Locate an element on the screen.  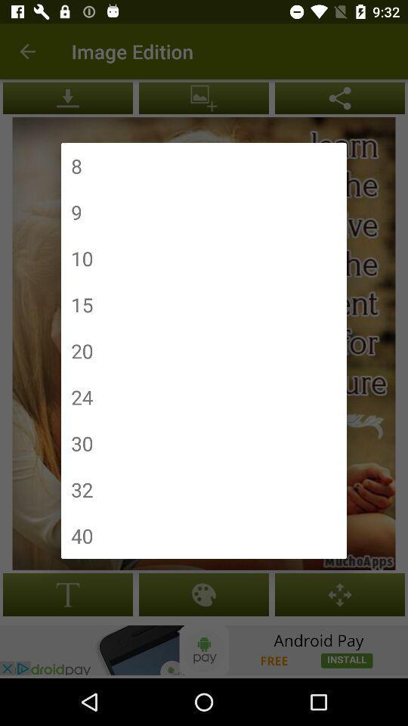
32 icon is located at coordinates (82, 489).